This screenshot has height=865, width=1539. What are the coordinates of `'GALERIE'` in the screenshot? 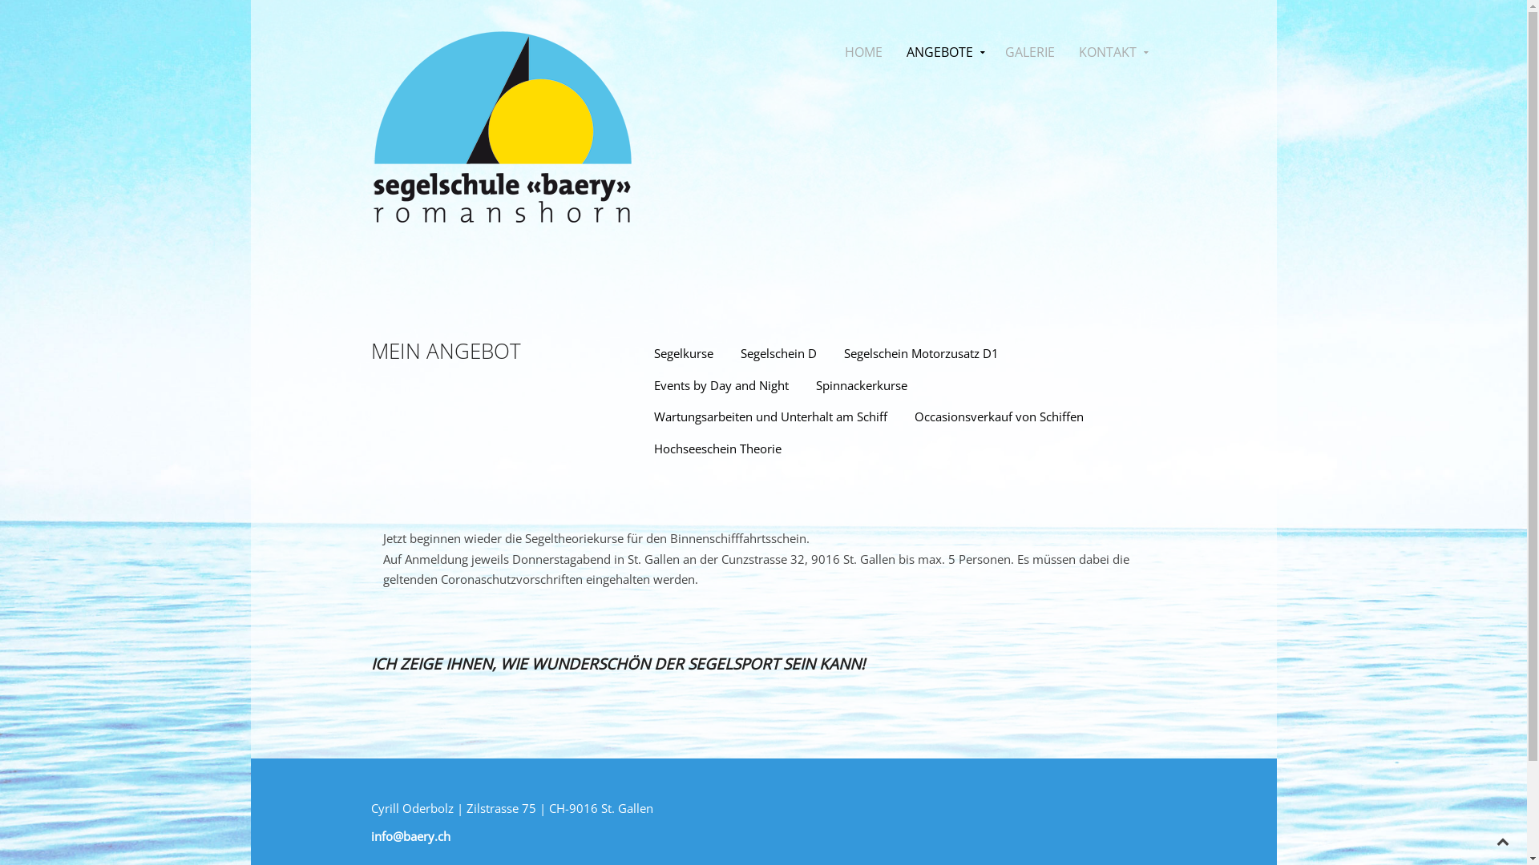 It's located at (992, 51).